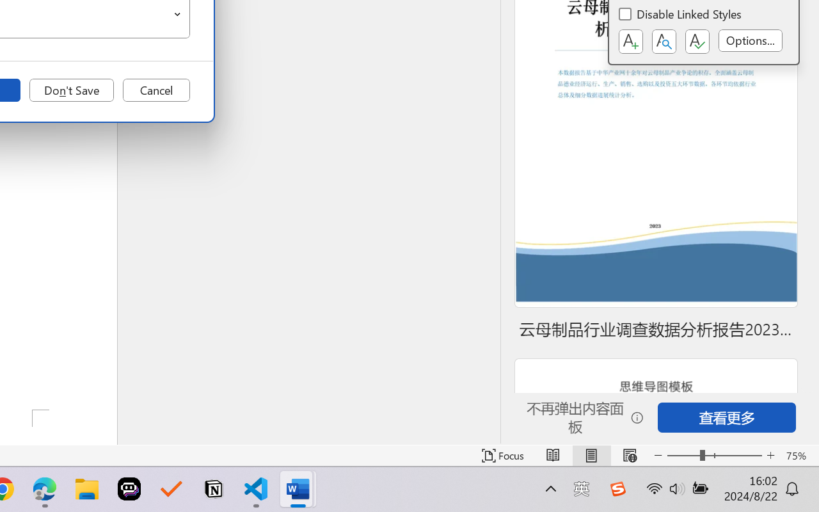 The height and width of the screenshot is (512, 819). What do you see at coordinates (591, 455) in the screenshot?
I see `'Print Layout'` at bounding box center [591, 455].